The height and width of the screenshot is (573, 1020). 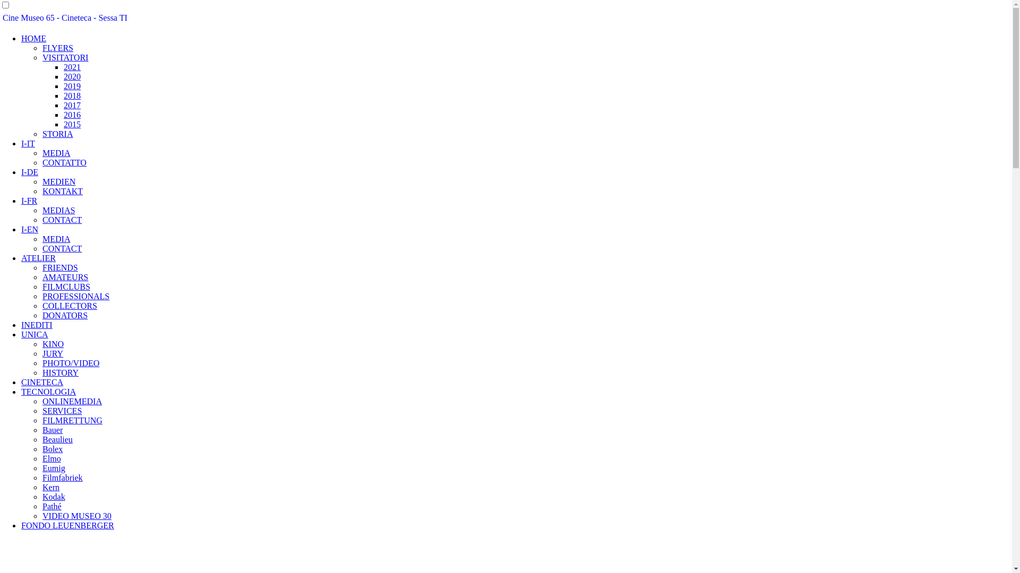 What do you see at coordinates (38, 258) in the screenshot?
I see `'ATELIER'` at bounding box center [38, 258].